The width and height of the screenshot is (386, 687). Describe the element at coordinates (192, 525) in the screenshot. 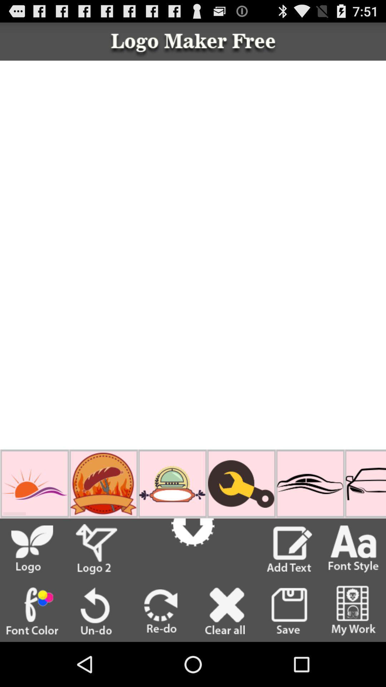

I see `the downward icon` at that location.